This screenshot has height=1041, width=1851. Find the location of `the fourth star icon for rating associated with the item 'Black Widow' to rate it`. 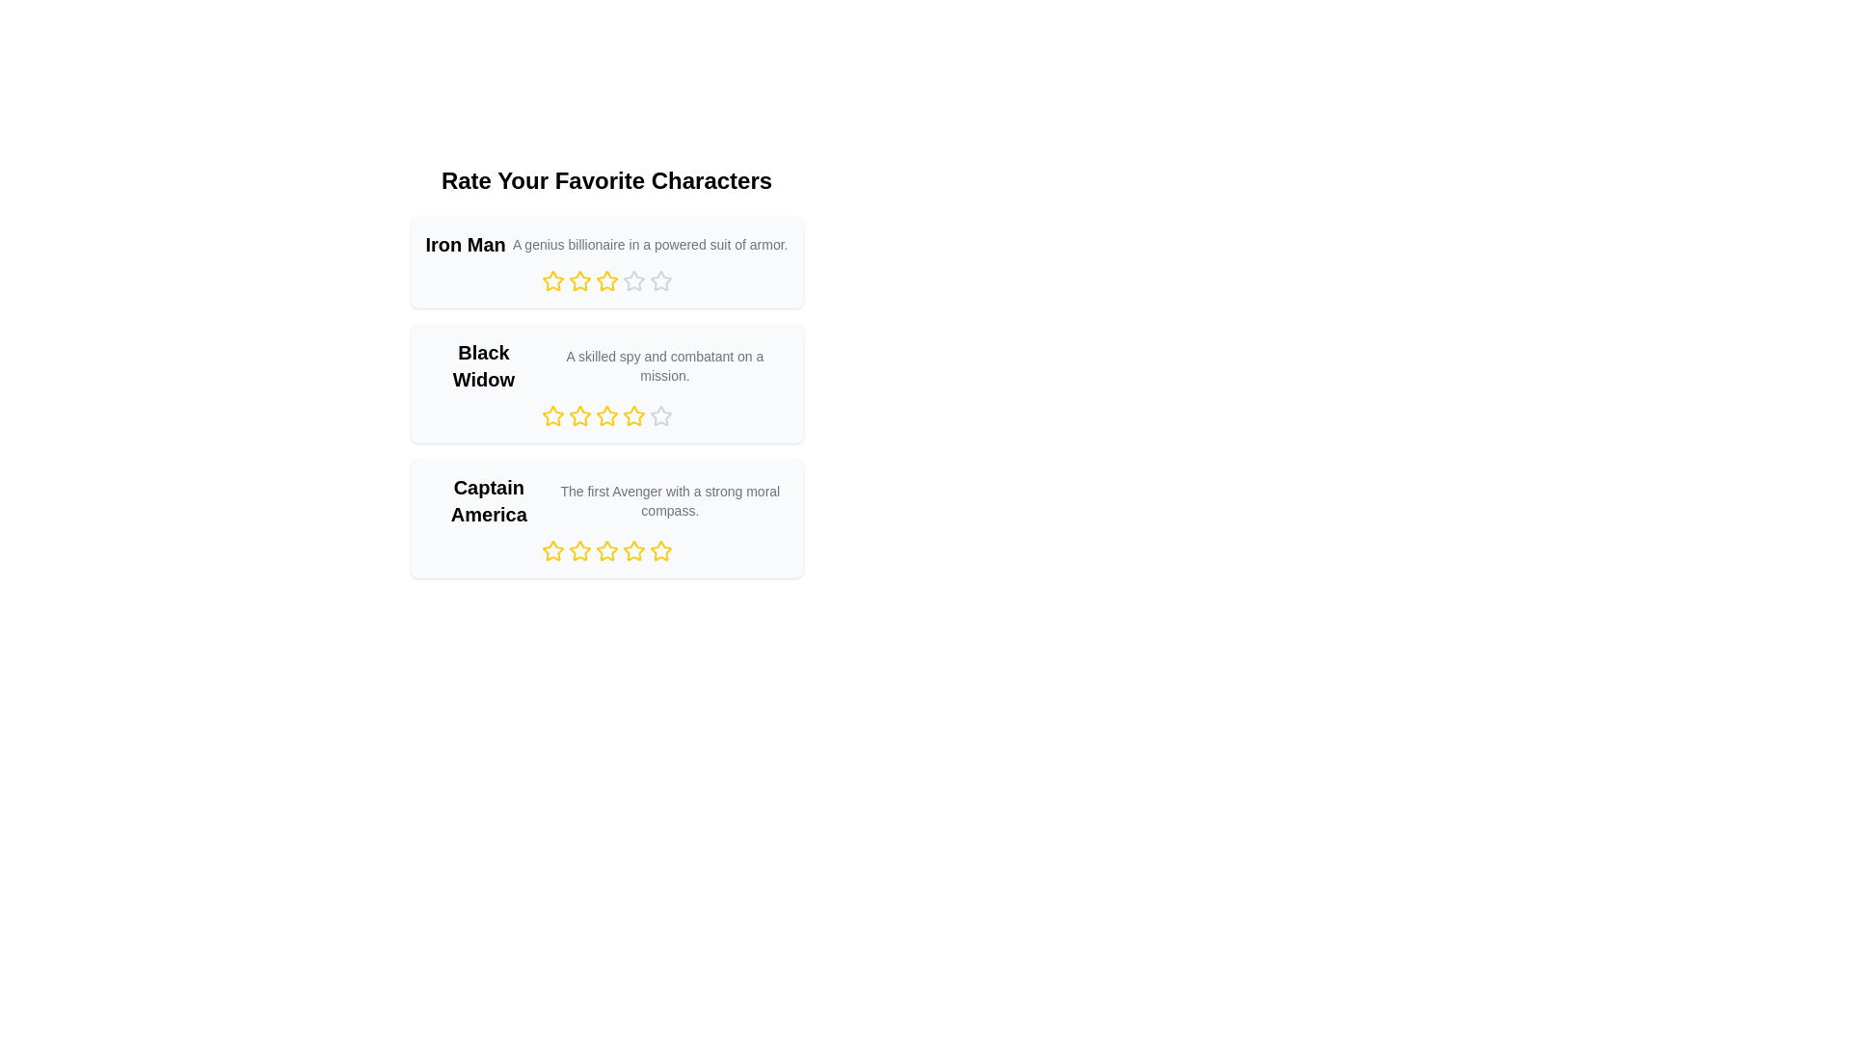

the fourth star icon for rating associated with the item 'Black Widow' to rate it is located at coordinates (660, 414).